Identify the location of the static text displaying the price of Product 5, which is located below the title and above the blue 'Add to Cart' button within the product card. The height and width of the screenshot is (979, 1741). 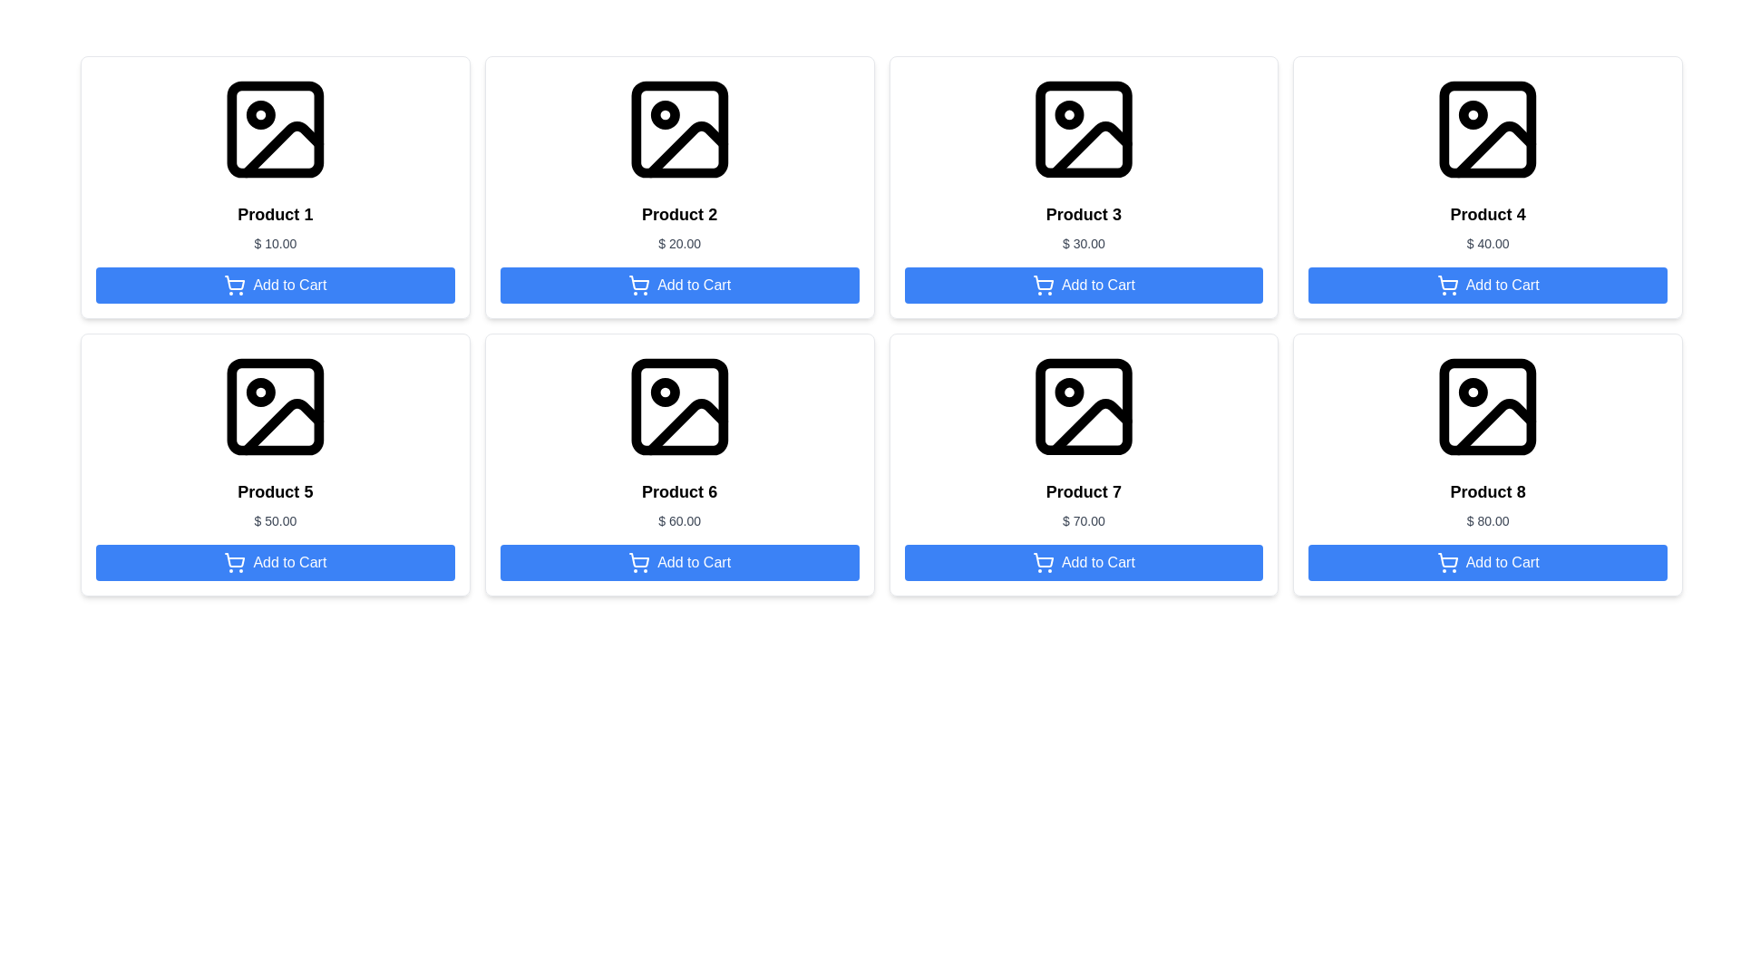
(274, 520).